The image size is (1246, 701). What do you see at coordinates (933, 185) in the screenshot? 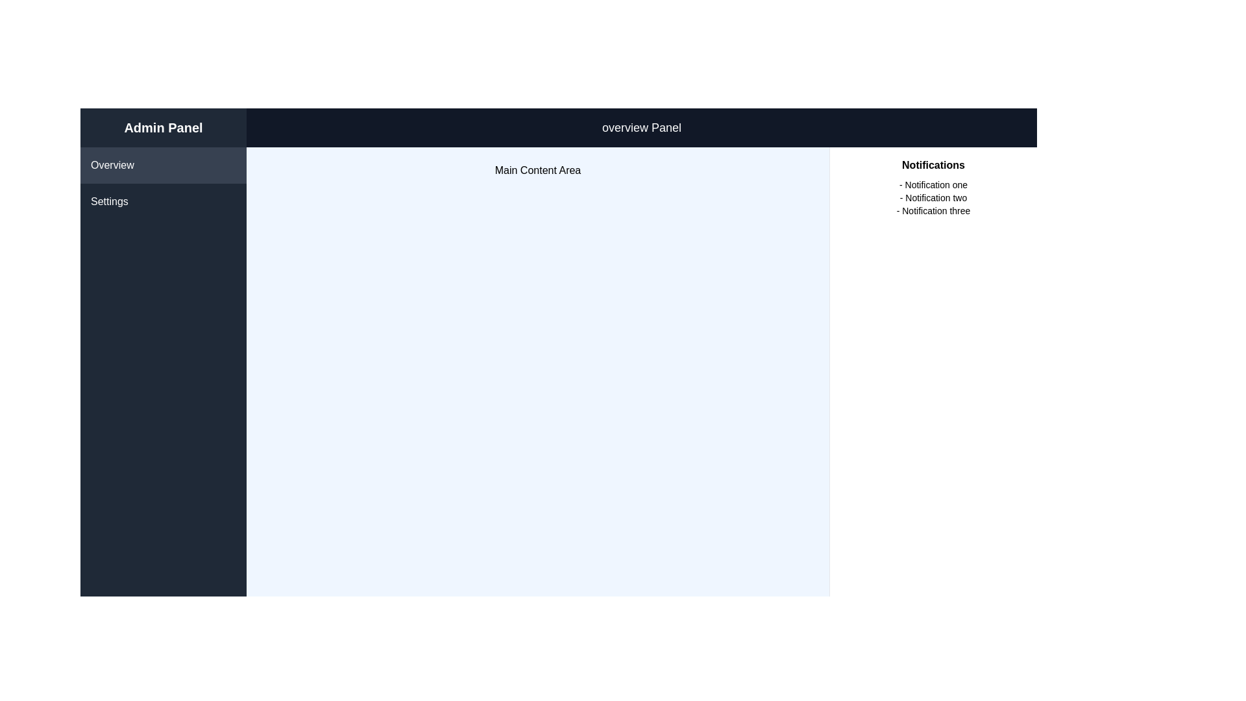
I see `the static notification message that reads '- Notification one', which is the first item in the Notifications section located in the top-right corner of the interface` at bounding box center [933, 185].